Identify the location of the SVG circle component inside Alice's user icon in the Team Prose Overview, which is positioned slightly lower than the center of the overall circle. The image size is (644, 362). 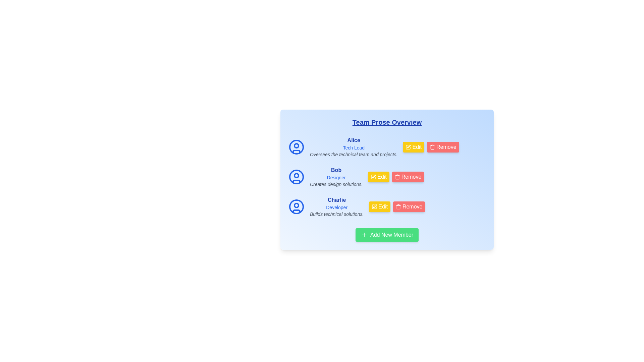
(296, 145).